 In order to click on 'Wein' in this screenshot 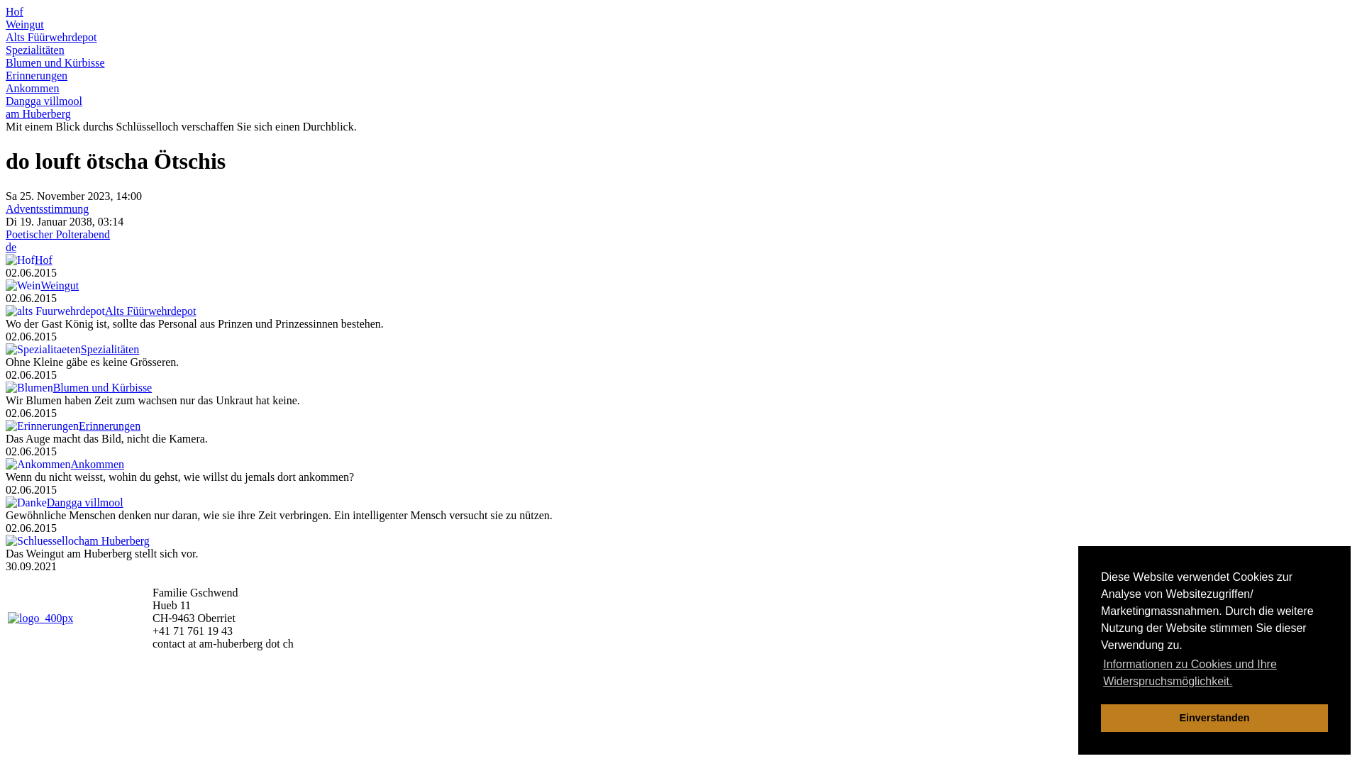, I will do `click(23, 285)`.